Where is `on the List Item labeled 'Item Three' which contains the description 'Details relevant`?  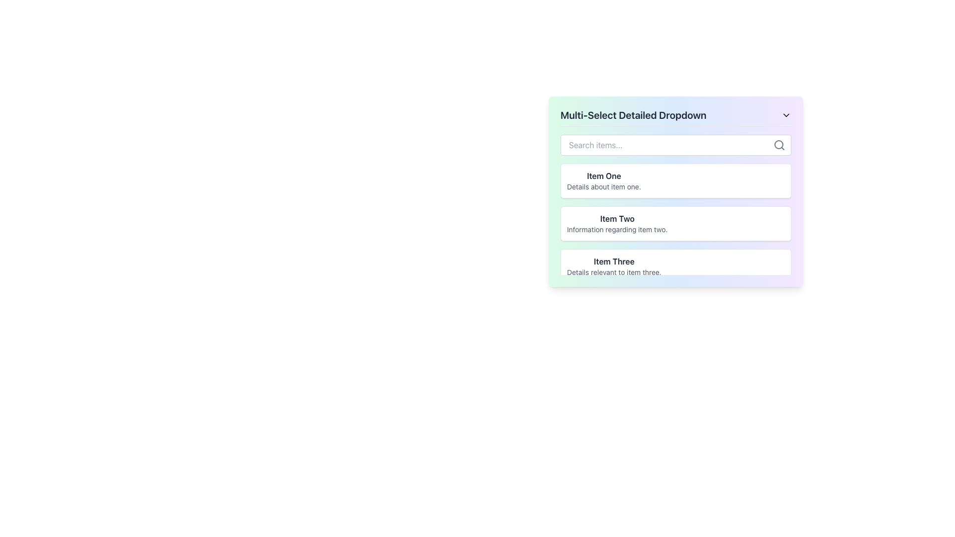
on the List Item labeled 'Item Three' which contains the description 'Details relevant is located at coordinates (675, 266).